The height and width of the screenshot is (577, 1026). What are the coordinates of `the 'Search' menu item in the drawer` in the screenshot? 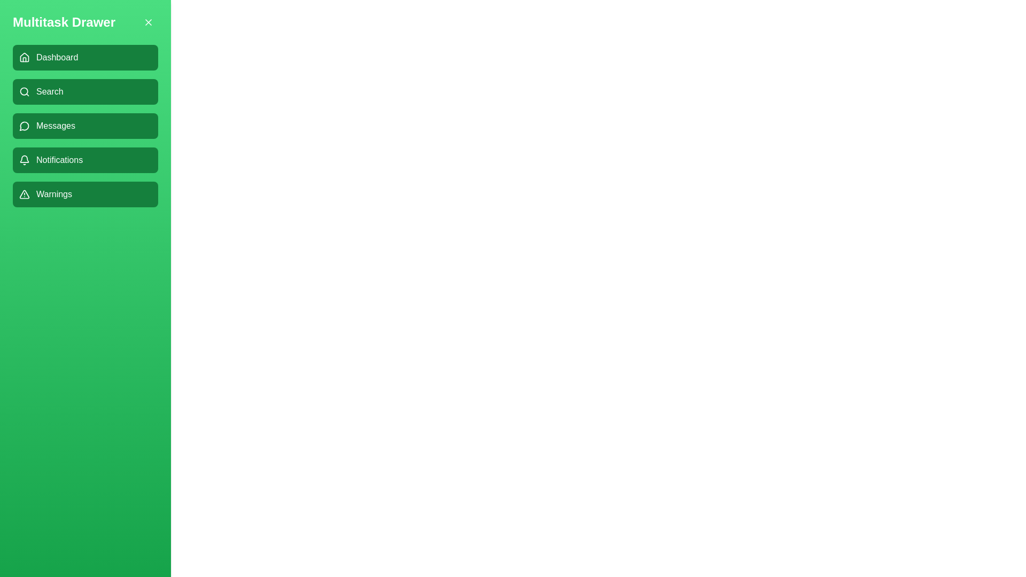 It's located at (84, 91).